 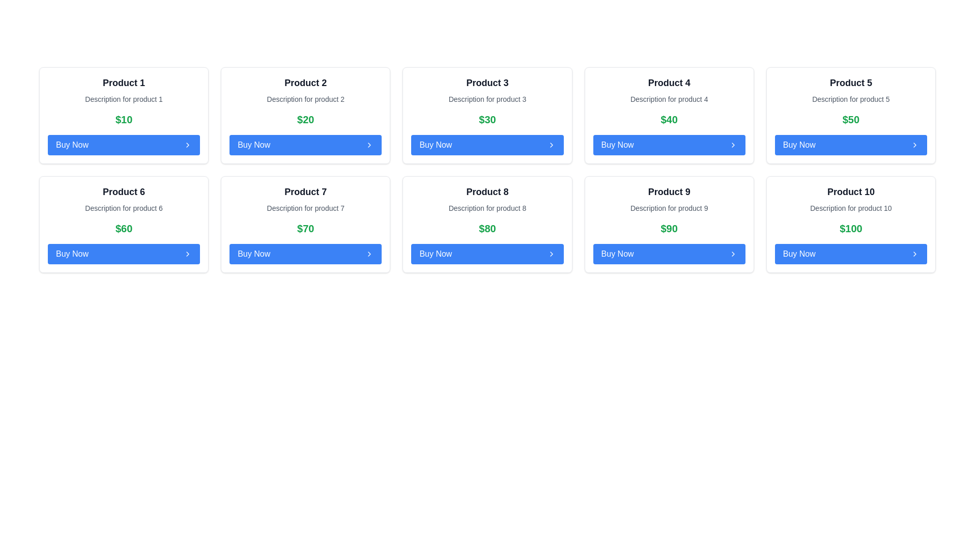 What do you see at coordinates (487, 207) in the screenshot?
I see `the descriptive text label for 'Product 8', which is located directly below the header and above the price display` at bounding box center [487, 207].